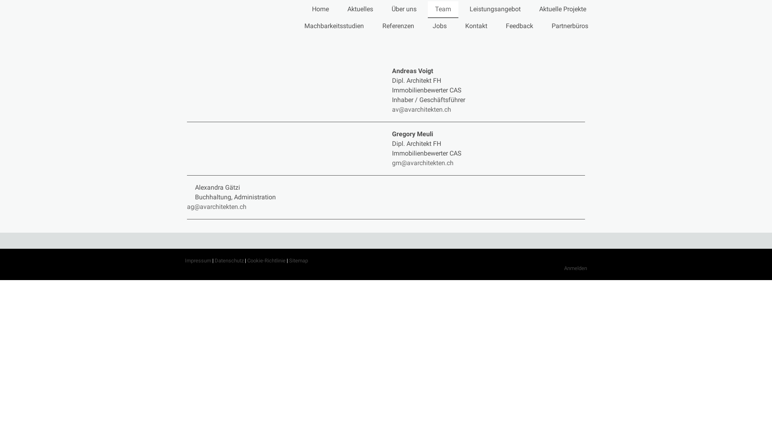  Describe the element at coordinates (298, 260) in the screenshot. I see `'Sitemap'` at that location.